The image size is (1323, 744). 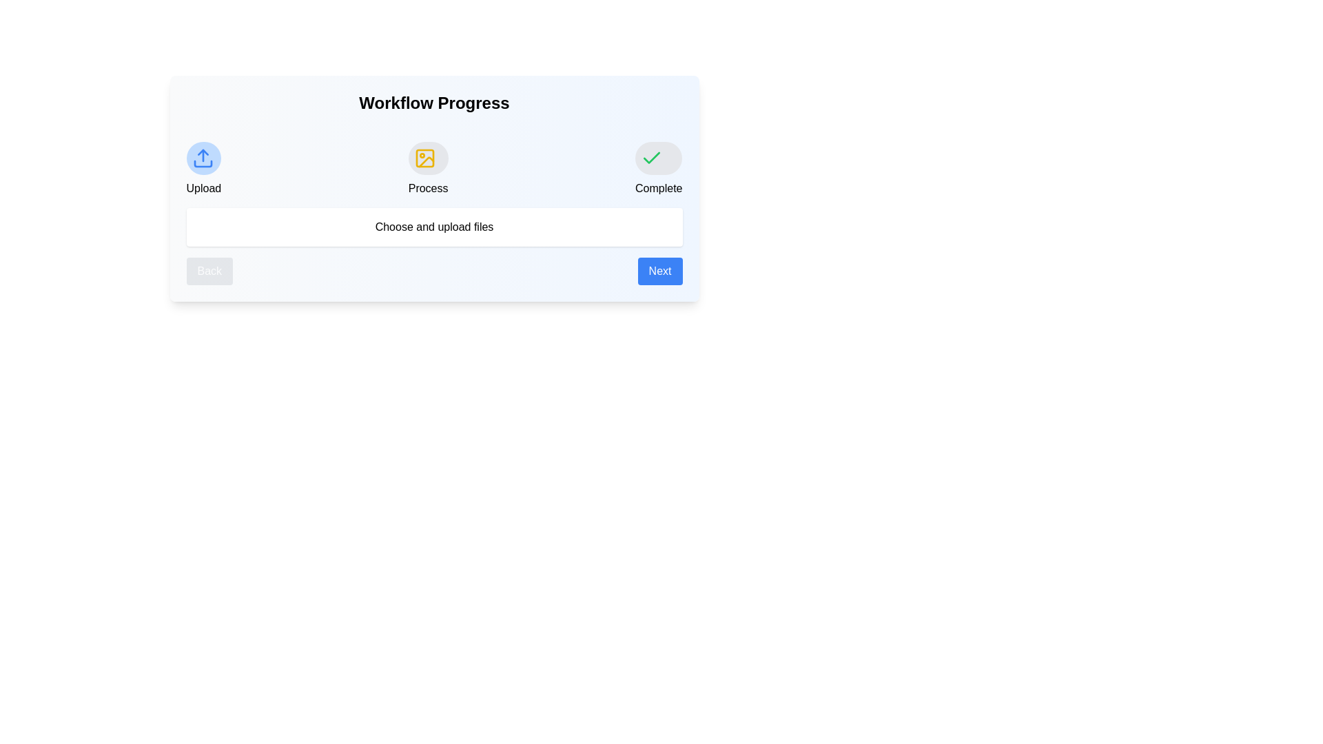 What do you see at coordinates (202, 158) in the screenshot?
I see `the 'Upload' stage icon to display its description` at bounding box center [202, 158].